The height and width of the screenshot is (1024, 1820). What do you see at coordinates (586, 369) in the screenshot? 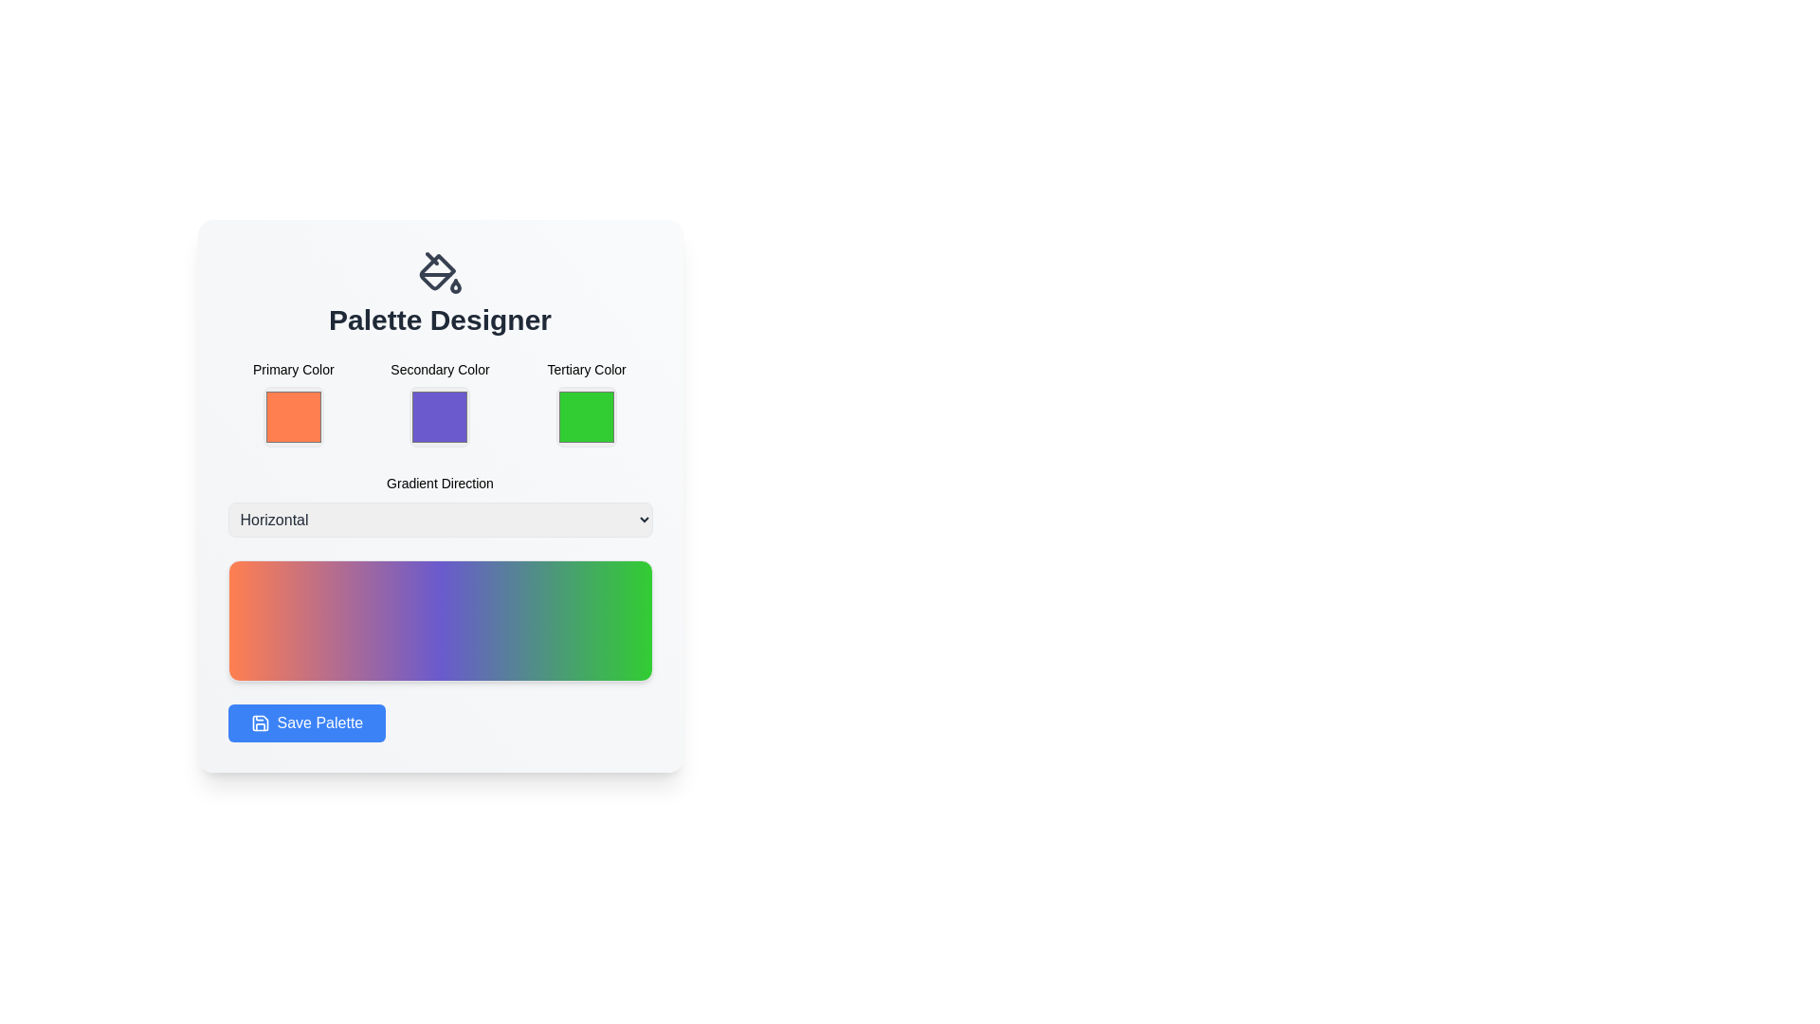
I see `the text label UI component that provides context for the associated color input below it` at bounding box center [586, 369].